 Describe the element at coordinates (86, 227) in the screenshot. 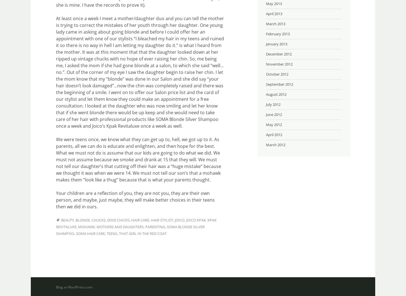

I see `'mohawk'` at that location.